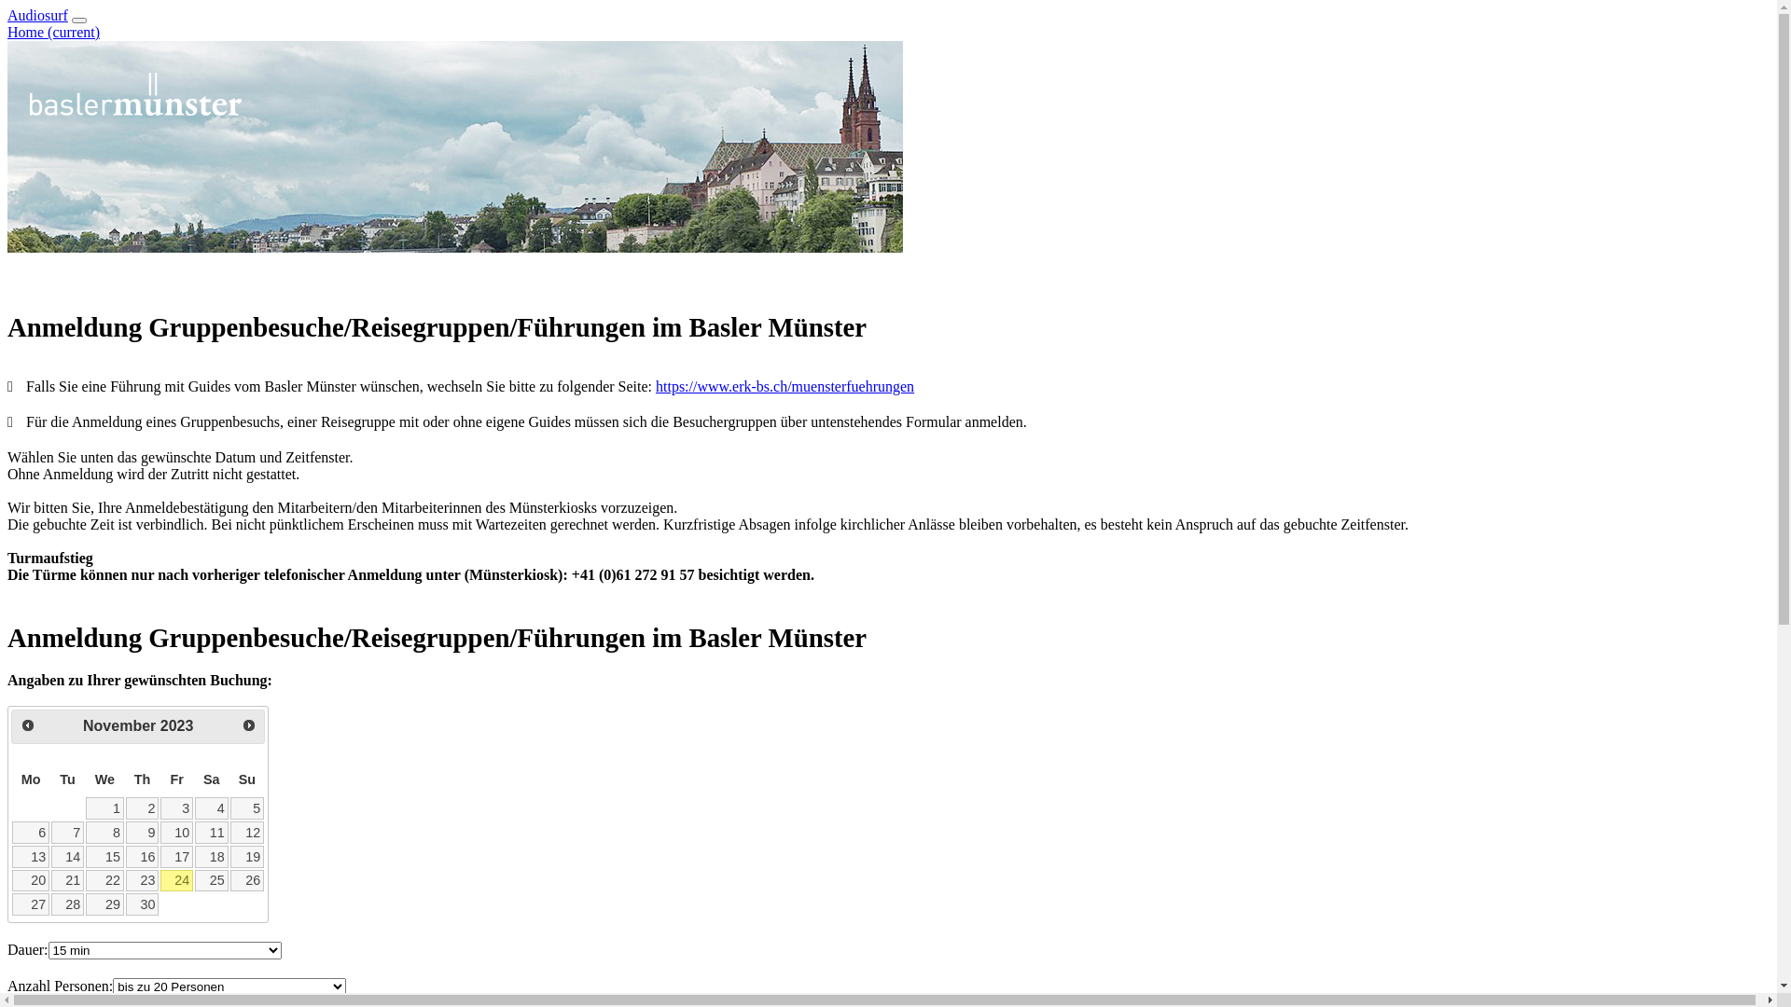 The height and width of the screenshot is (1007, 1791). Describe the element at coordinates (176, 807) in the screenshot. I see `'3'` at that location.